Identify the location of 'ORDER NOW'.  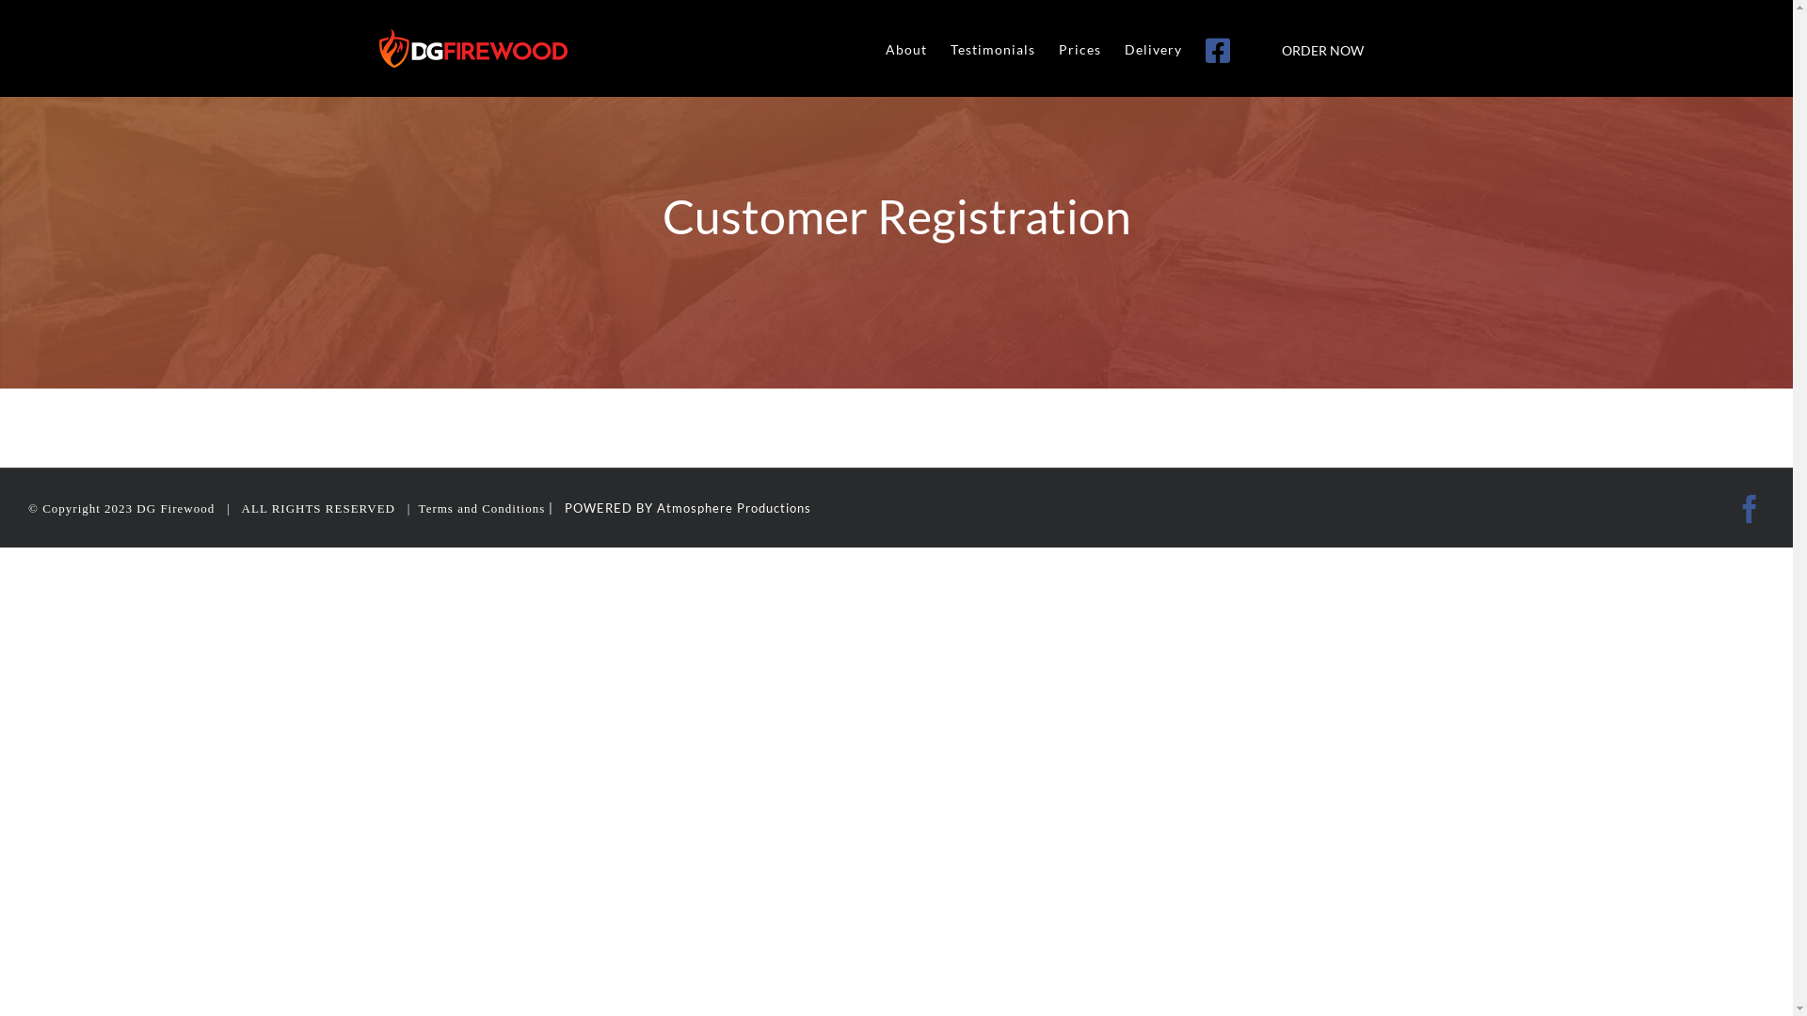
(1320, 47).